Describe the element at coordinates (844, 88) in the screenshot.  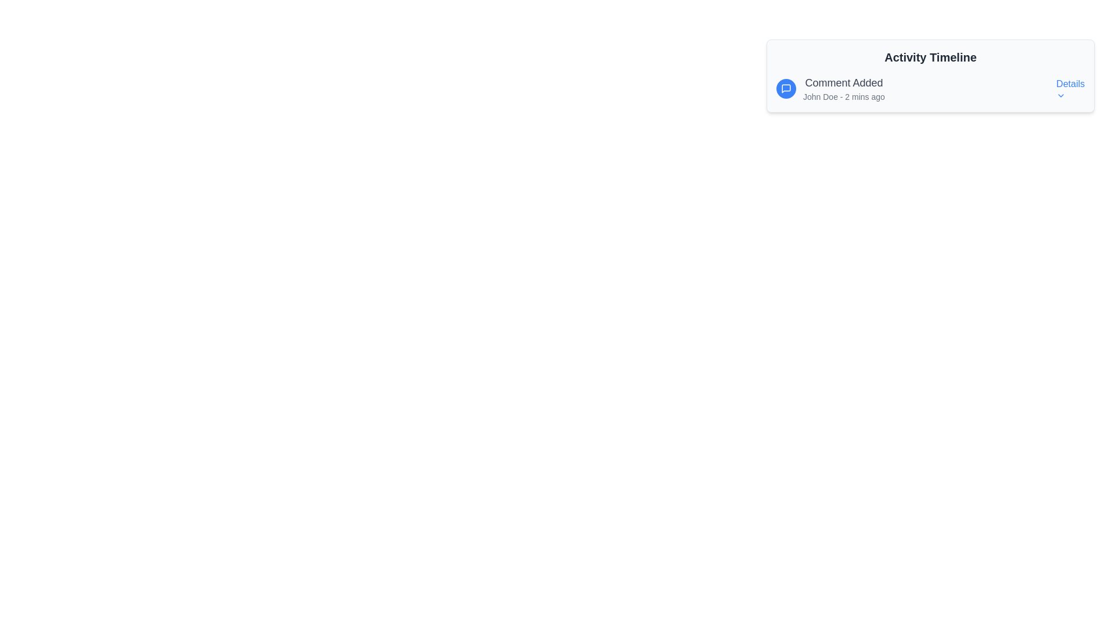
I see `details of the comment displayed in the text block that shows 'Comment Added' and 'John Doe - 2 mins ago', located in the 'Activity Timeline' section` at that location.